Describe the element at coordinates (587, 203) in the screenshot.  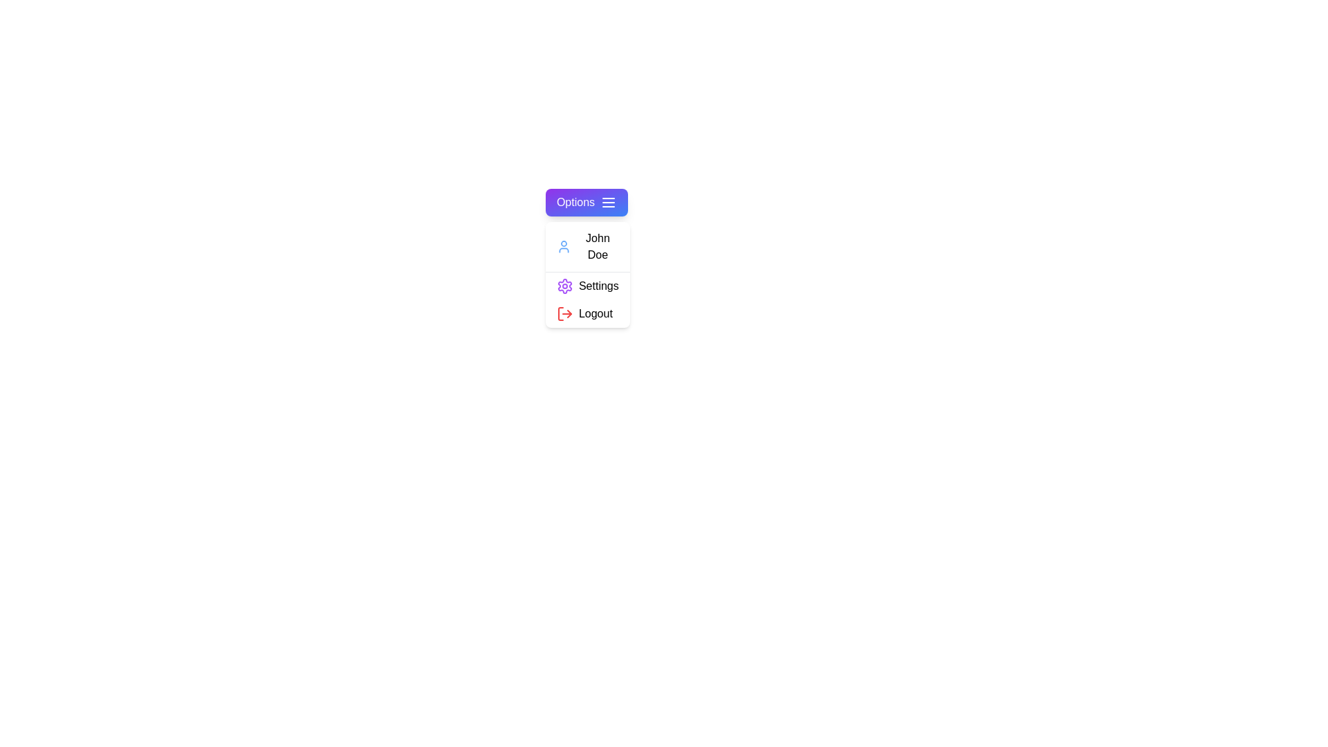
I see `the 'Options' button to toggle the menu visibility` at that location.